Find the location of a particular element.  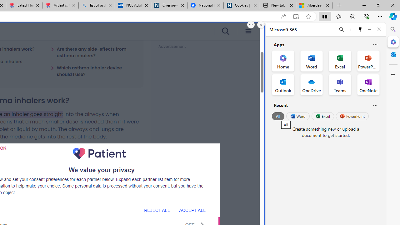

'Close Customize pane' is located at coordinates (393, 74).